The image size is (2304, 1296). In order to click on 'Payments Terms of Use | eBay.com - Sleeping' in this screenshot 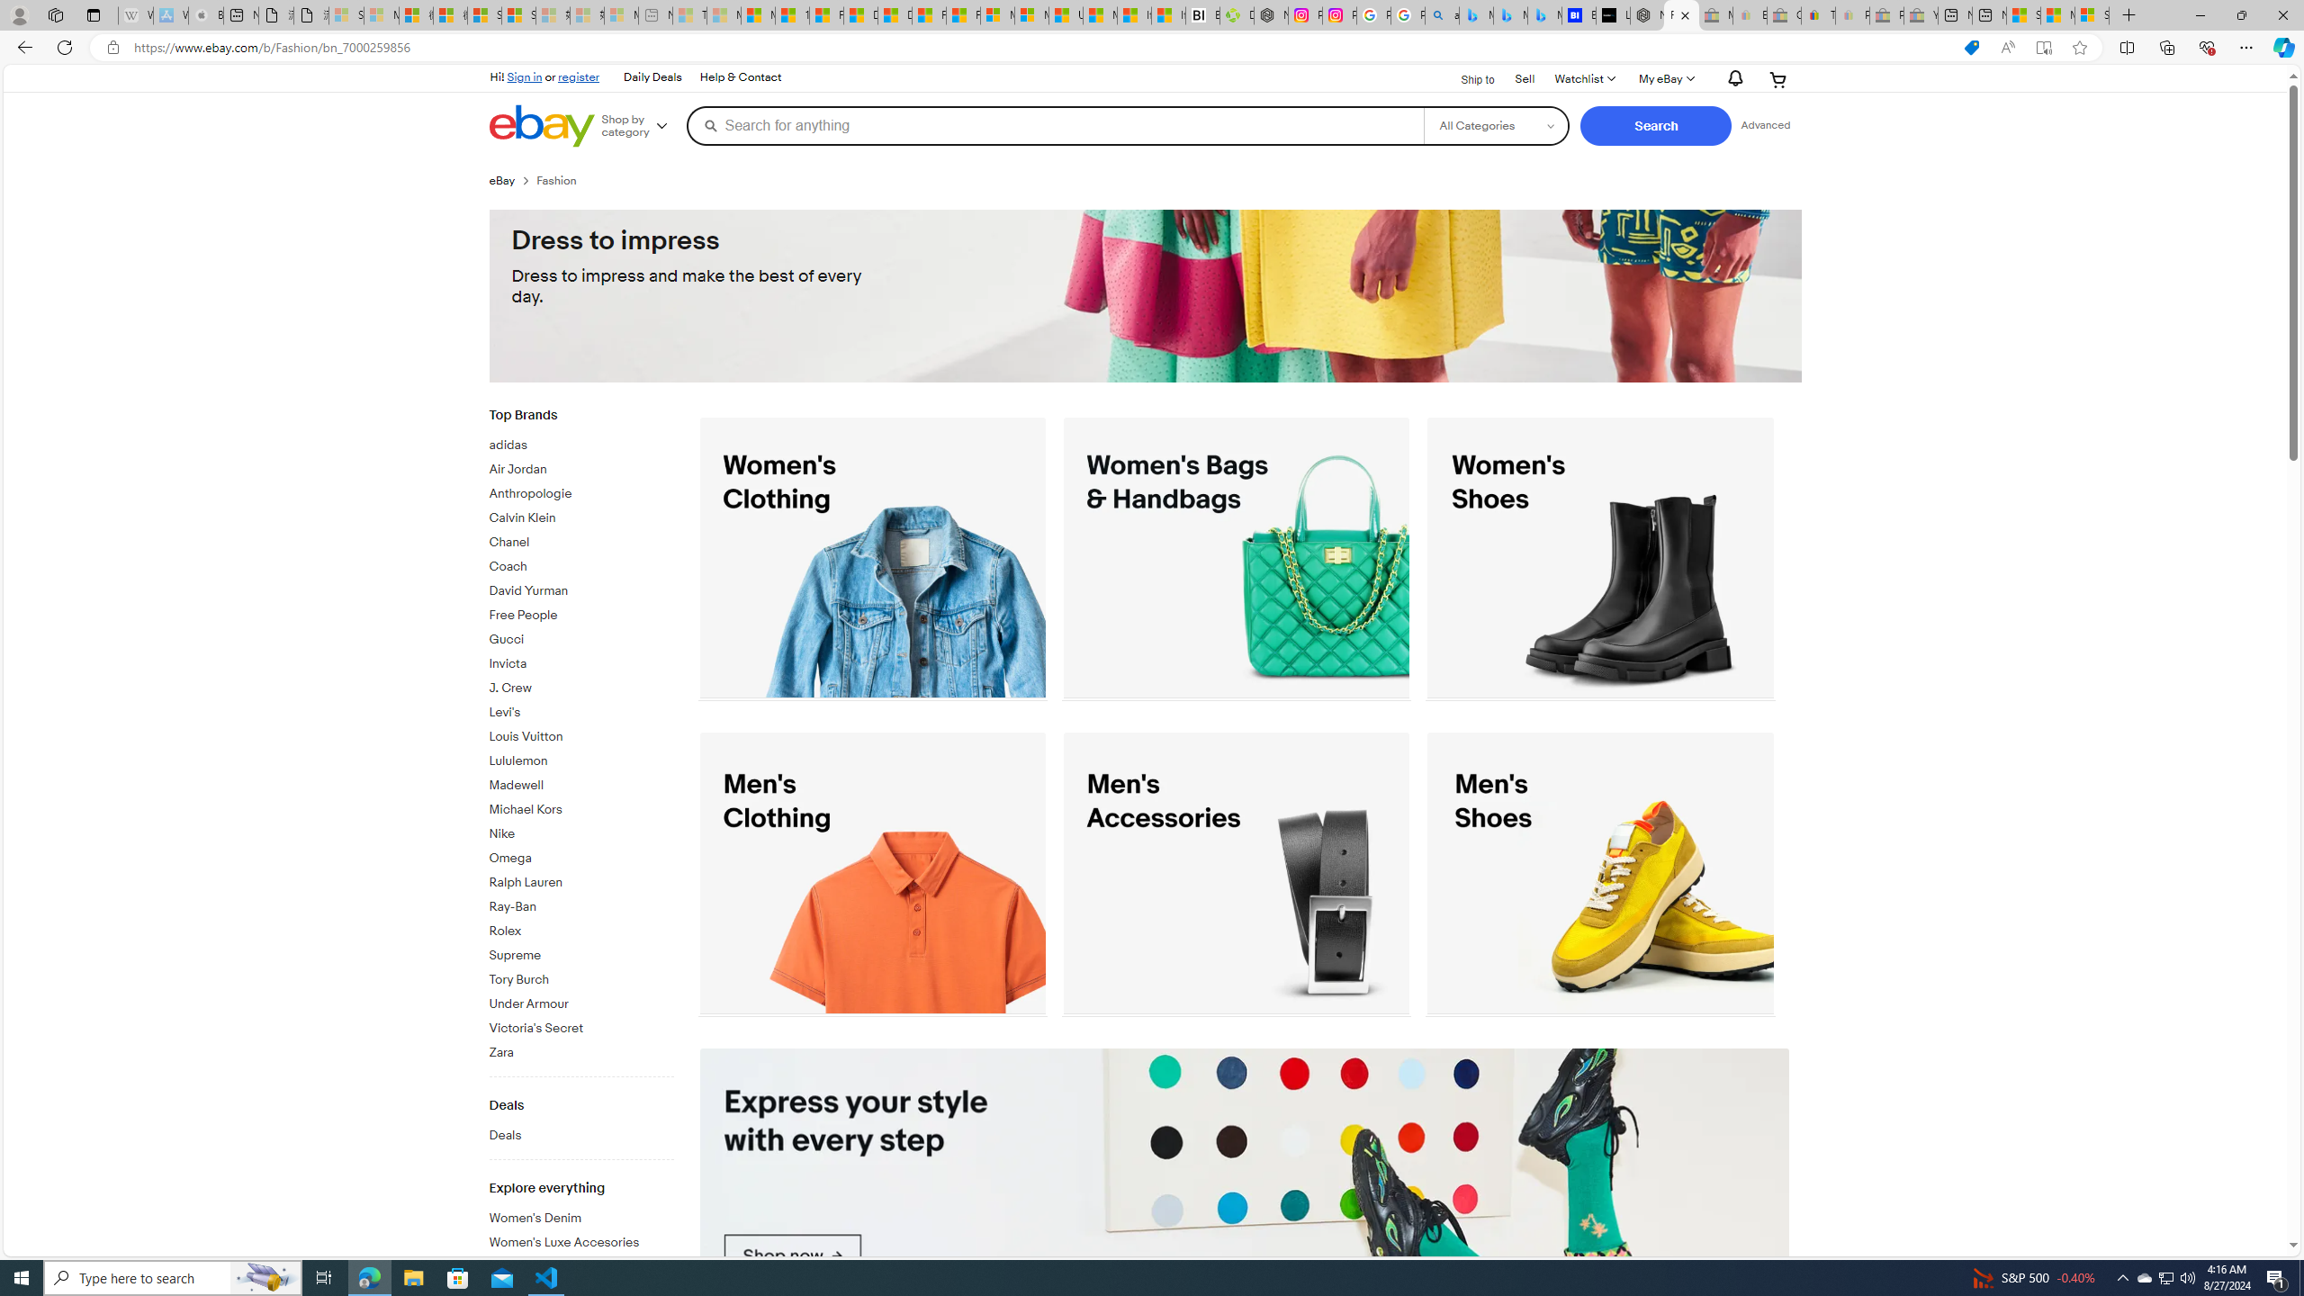, I will do `click(1852, 14)`.